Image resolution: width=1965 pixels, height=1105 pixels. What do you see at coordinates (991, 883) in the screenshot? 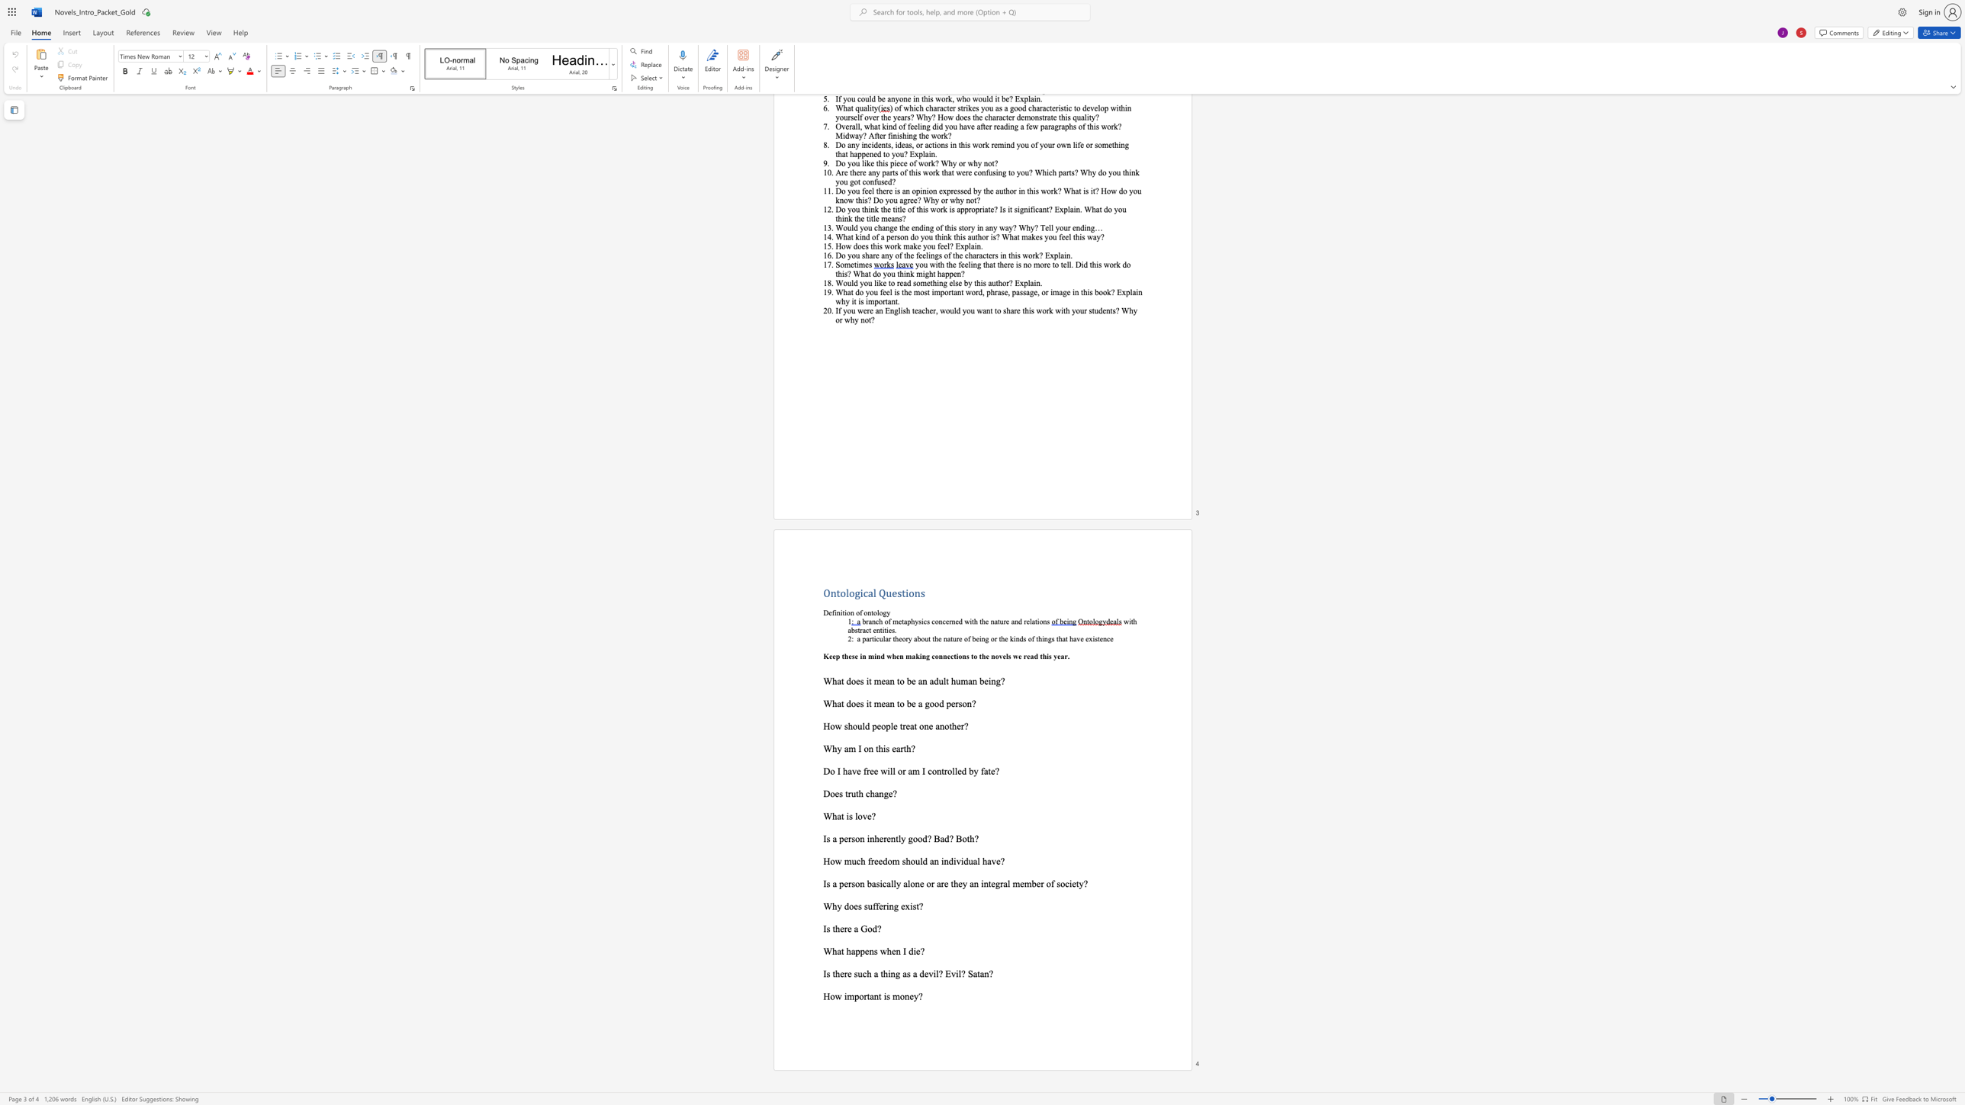
I see `the subset text "egral member of soci" within the text "or are they an integral member of society?"` at bounding box center [991, 883].